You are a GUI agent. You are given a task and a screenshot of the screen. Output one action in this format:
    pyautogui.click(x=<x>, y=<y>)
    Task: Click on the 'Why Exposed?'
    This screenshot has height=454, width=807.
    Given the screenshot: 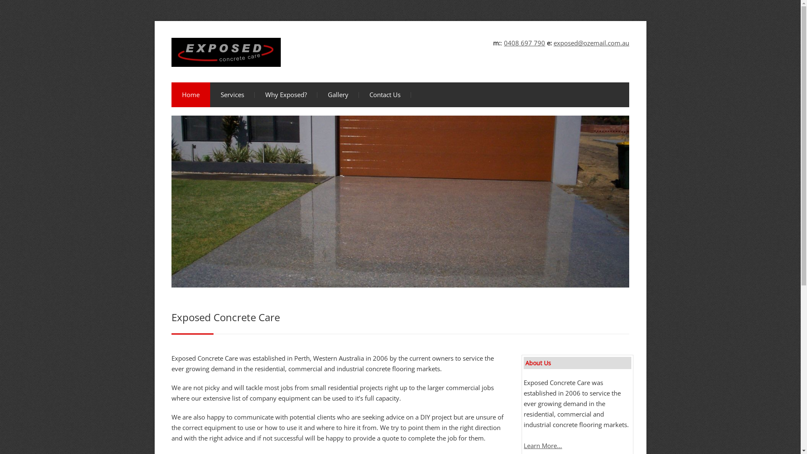 What is the action you would take?
    pyautogui.click(x=254, y=95)
    